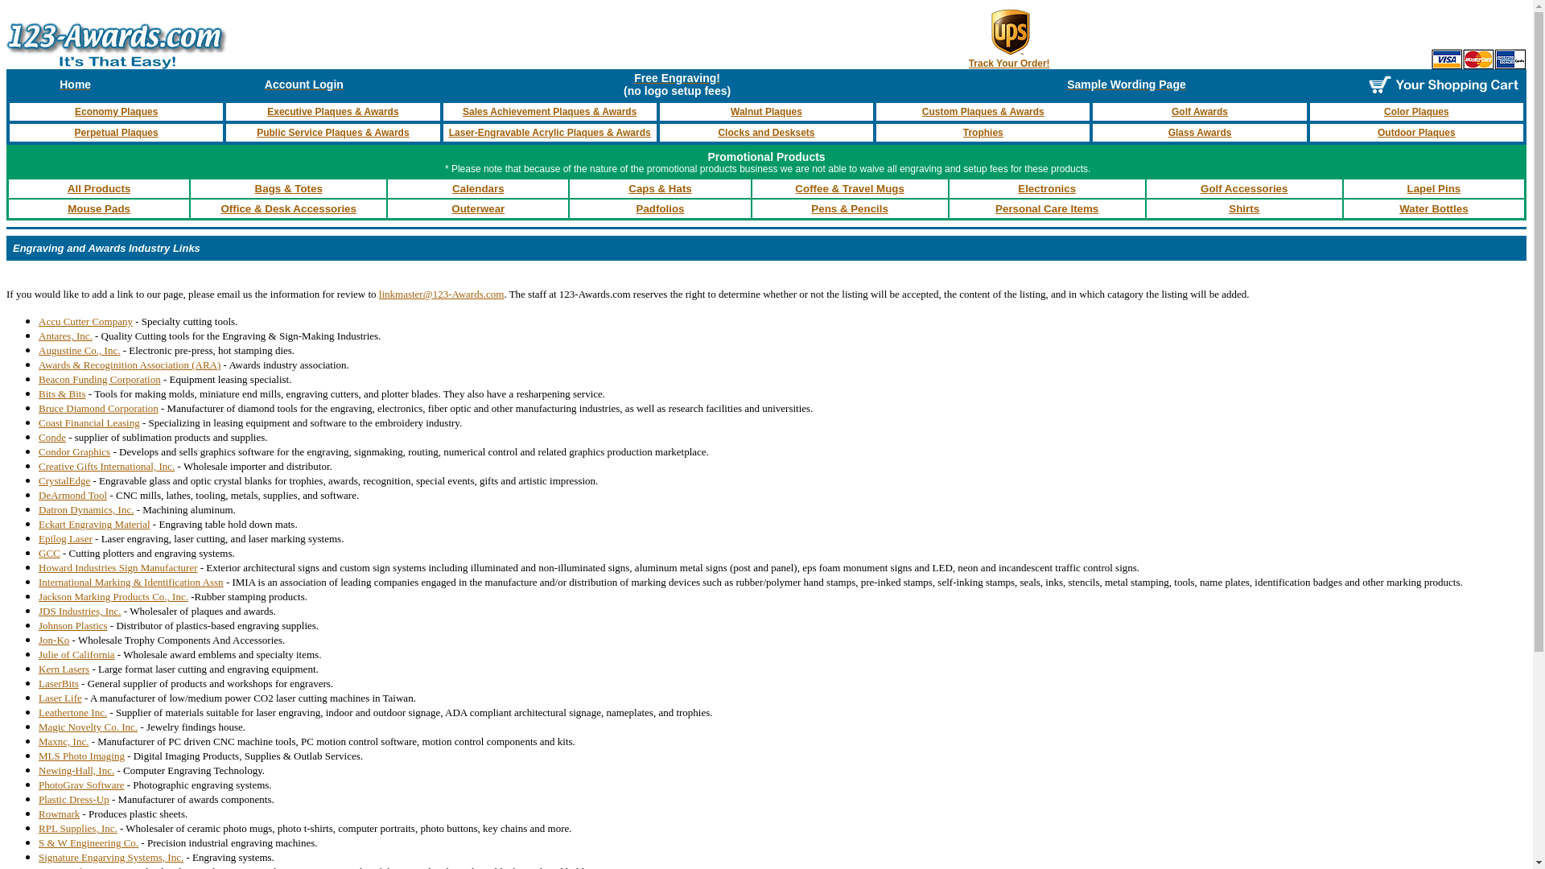 The width and height of the screenshot is (1545, 869). I want to click on 'Awards & Recoginition Association (ARA)', so click(130, 364).